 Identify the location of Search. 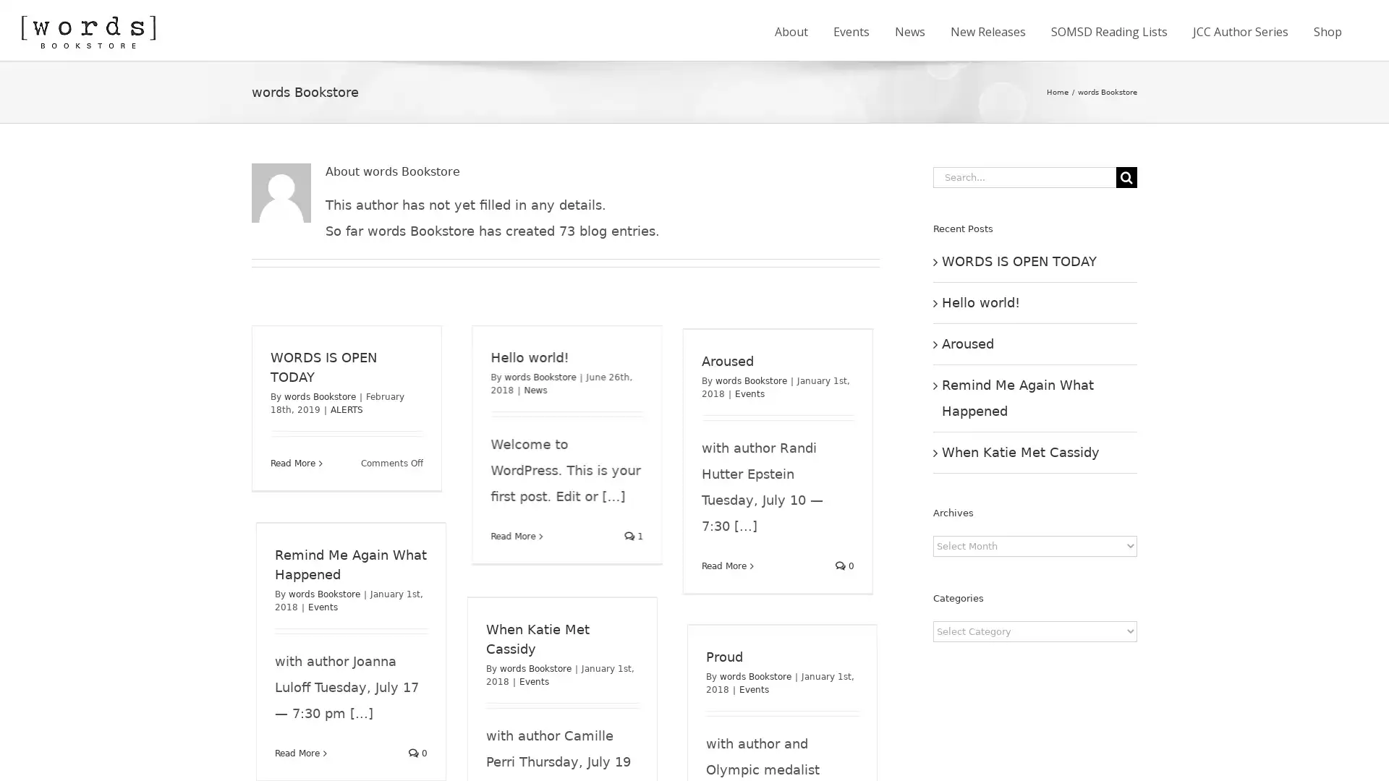
(1126, 176).